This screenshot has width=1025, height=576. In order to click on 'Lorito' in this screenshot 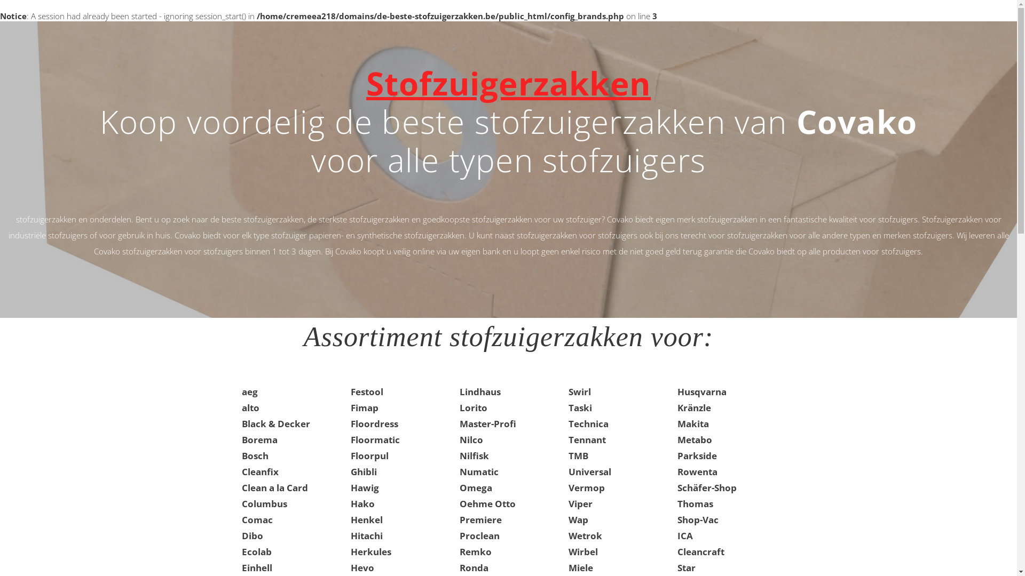, I will do `click(472, 407)`.